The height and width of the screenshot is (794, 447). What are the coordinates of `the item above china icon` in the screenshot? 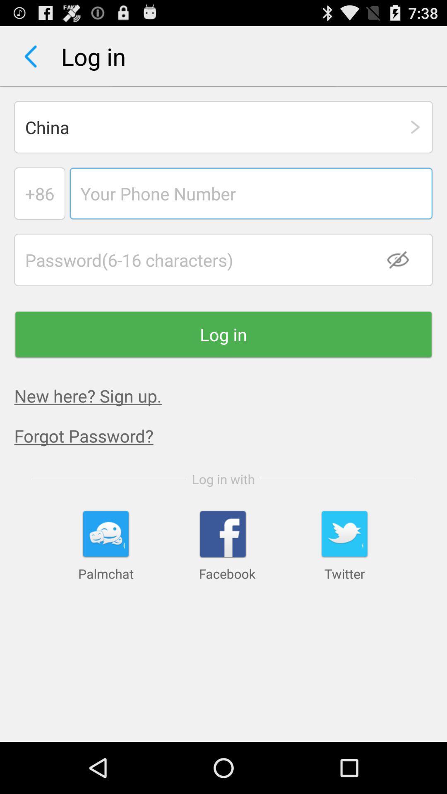 It's located at (30, 56).